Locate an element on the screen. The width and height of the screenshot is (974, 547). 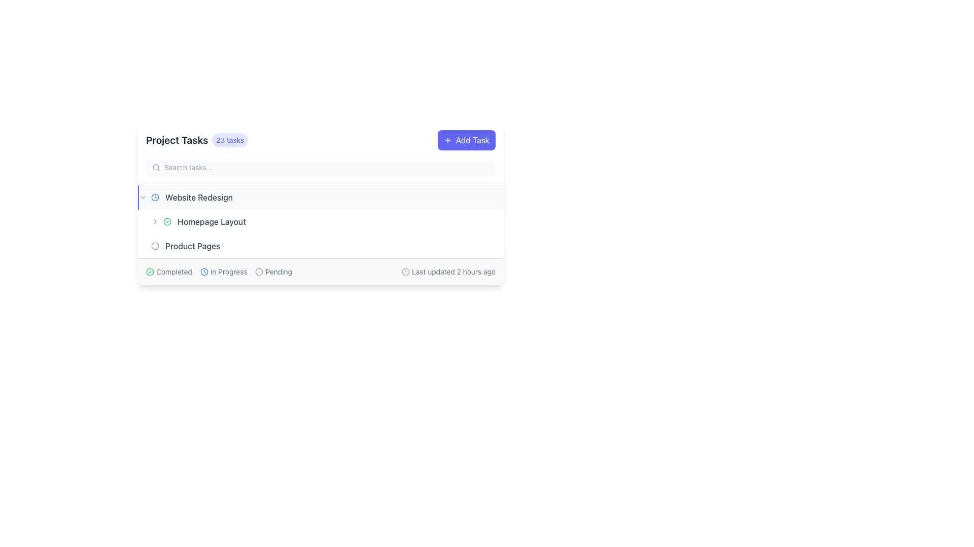
the text label for the task item is located at coordinates (211, 221).